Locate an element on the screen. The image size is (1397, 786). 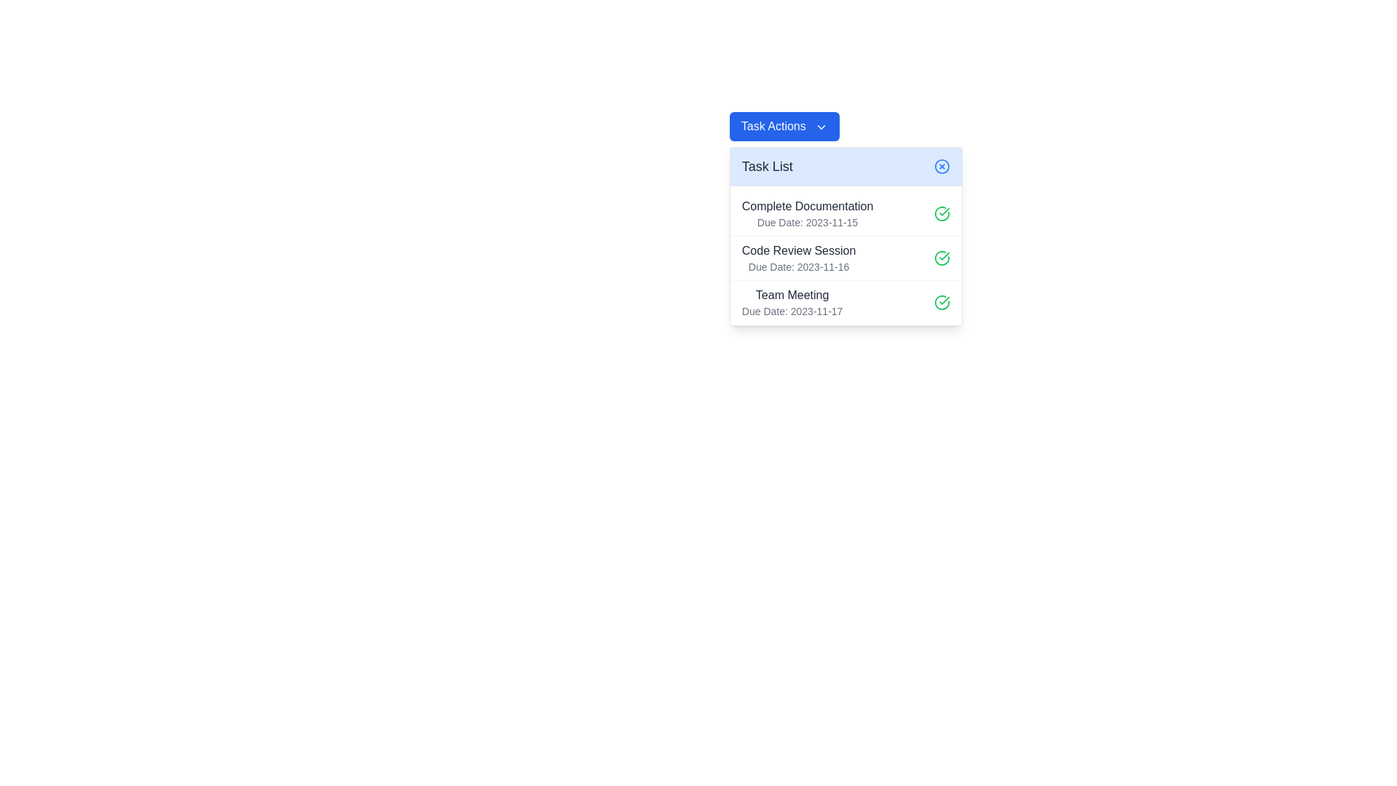
the first task entry in the 'Task List' that displays the task's title and due date, indicating its completion status is located at coordinates (845, 213).